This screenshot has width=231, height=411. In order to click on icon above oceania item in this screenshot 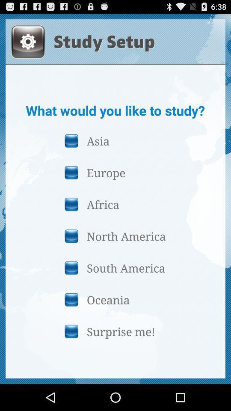, I will do `click(115, 267)`.